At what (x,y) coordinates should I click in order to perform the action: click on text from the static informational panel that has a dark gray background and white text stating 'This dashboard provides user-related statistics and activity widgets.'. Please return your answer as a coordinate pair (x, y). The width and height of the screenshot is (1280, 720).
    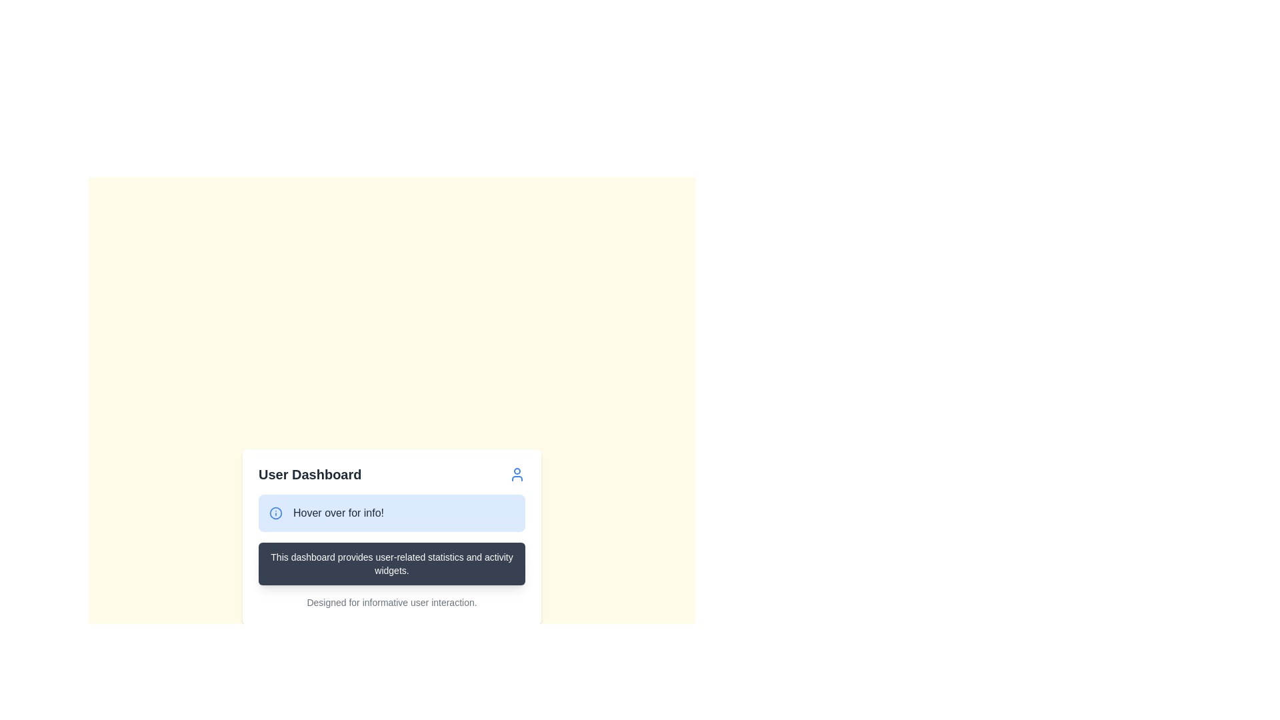
    Looking at the image, I should click on (391, 563).